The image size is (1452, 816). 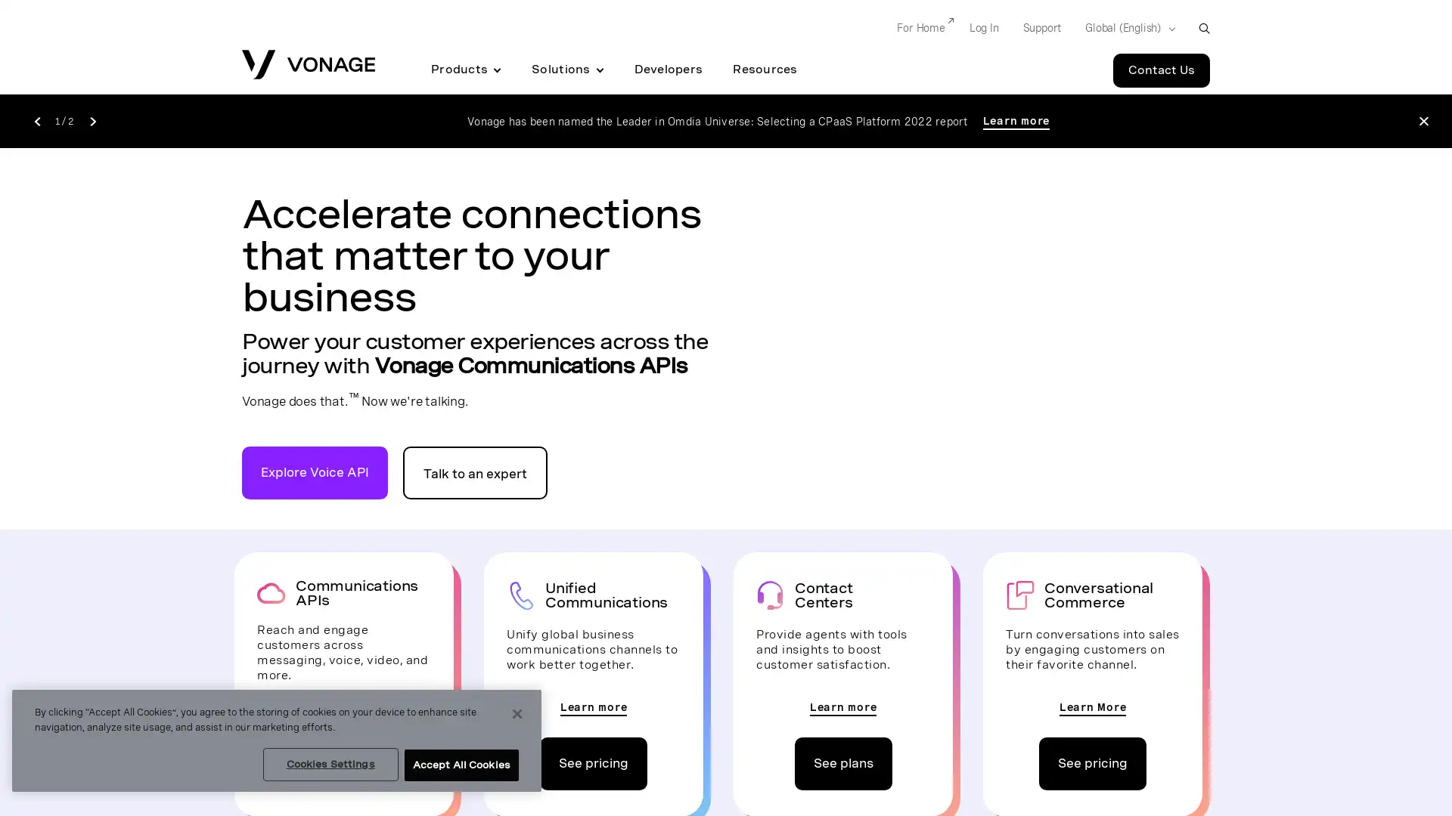 What do you see at coordinates (566, 70) in the screenshot?
I see `Solutions` at bounding box center [566, 70].